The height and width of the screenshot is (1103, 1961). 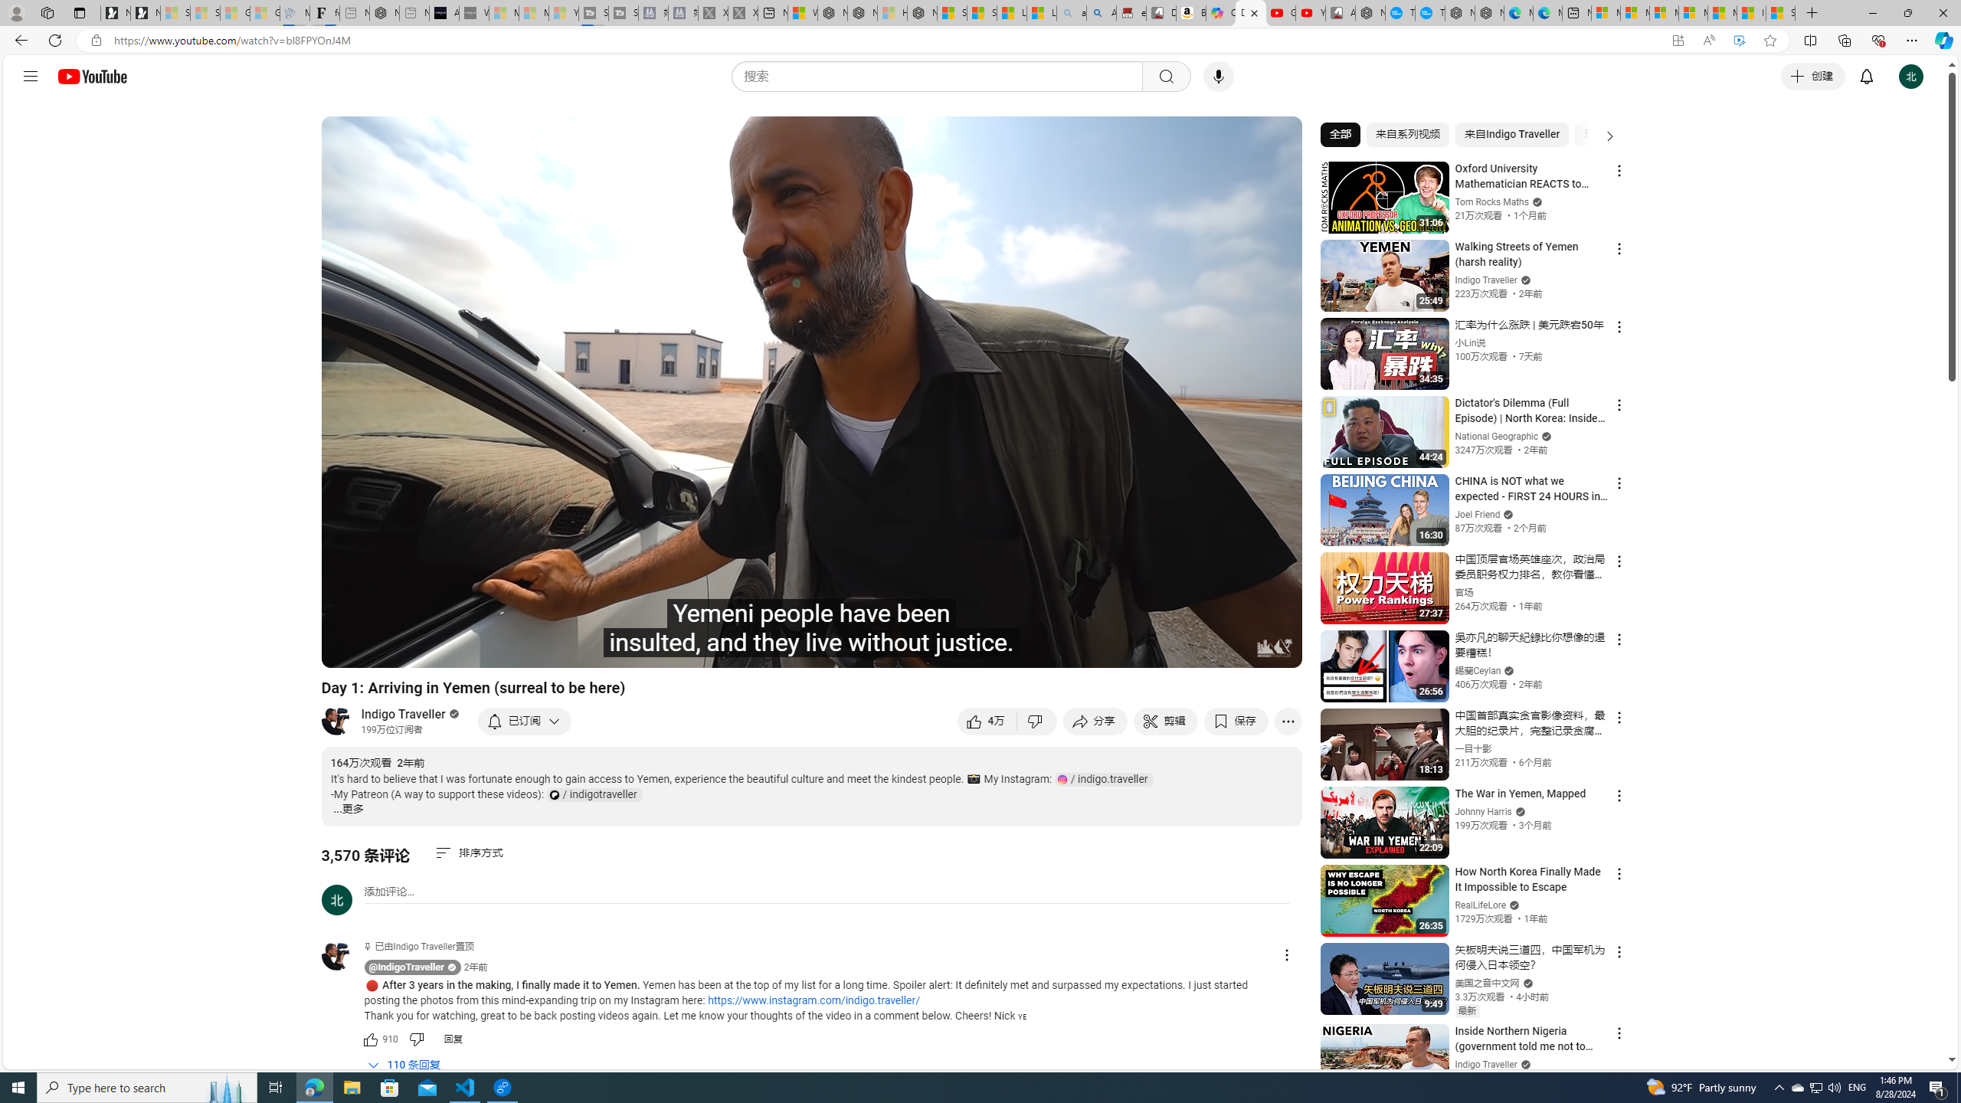 I want to click on 'Patreon Channel Link: indigotraveller', so click(x=594, y=794).